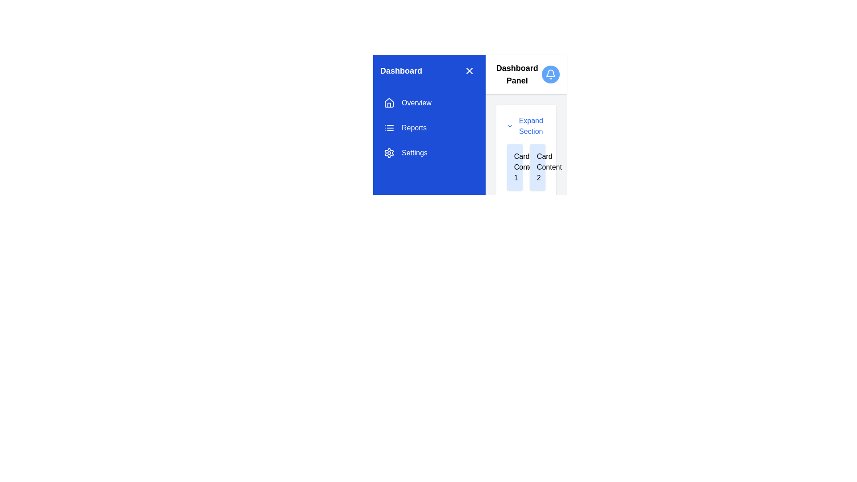 This screenshot has height=482, width=857. I want to click on the Expandable Panel located in the right panel of the interface, so click(526, 179).